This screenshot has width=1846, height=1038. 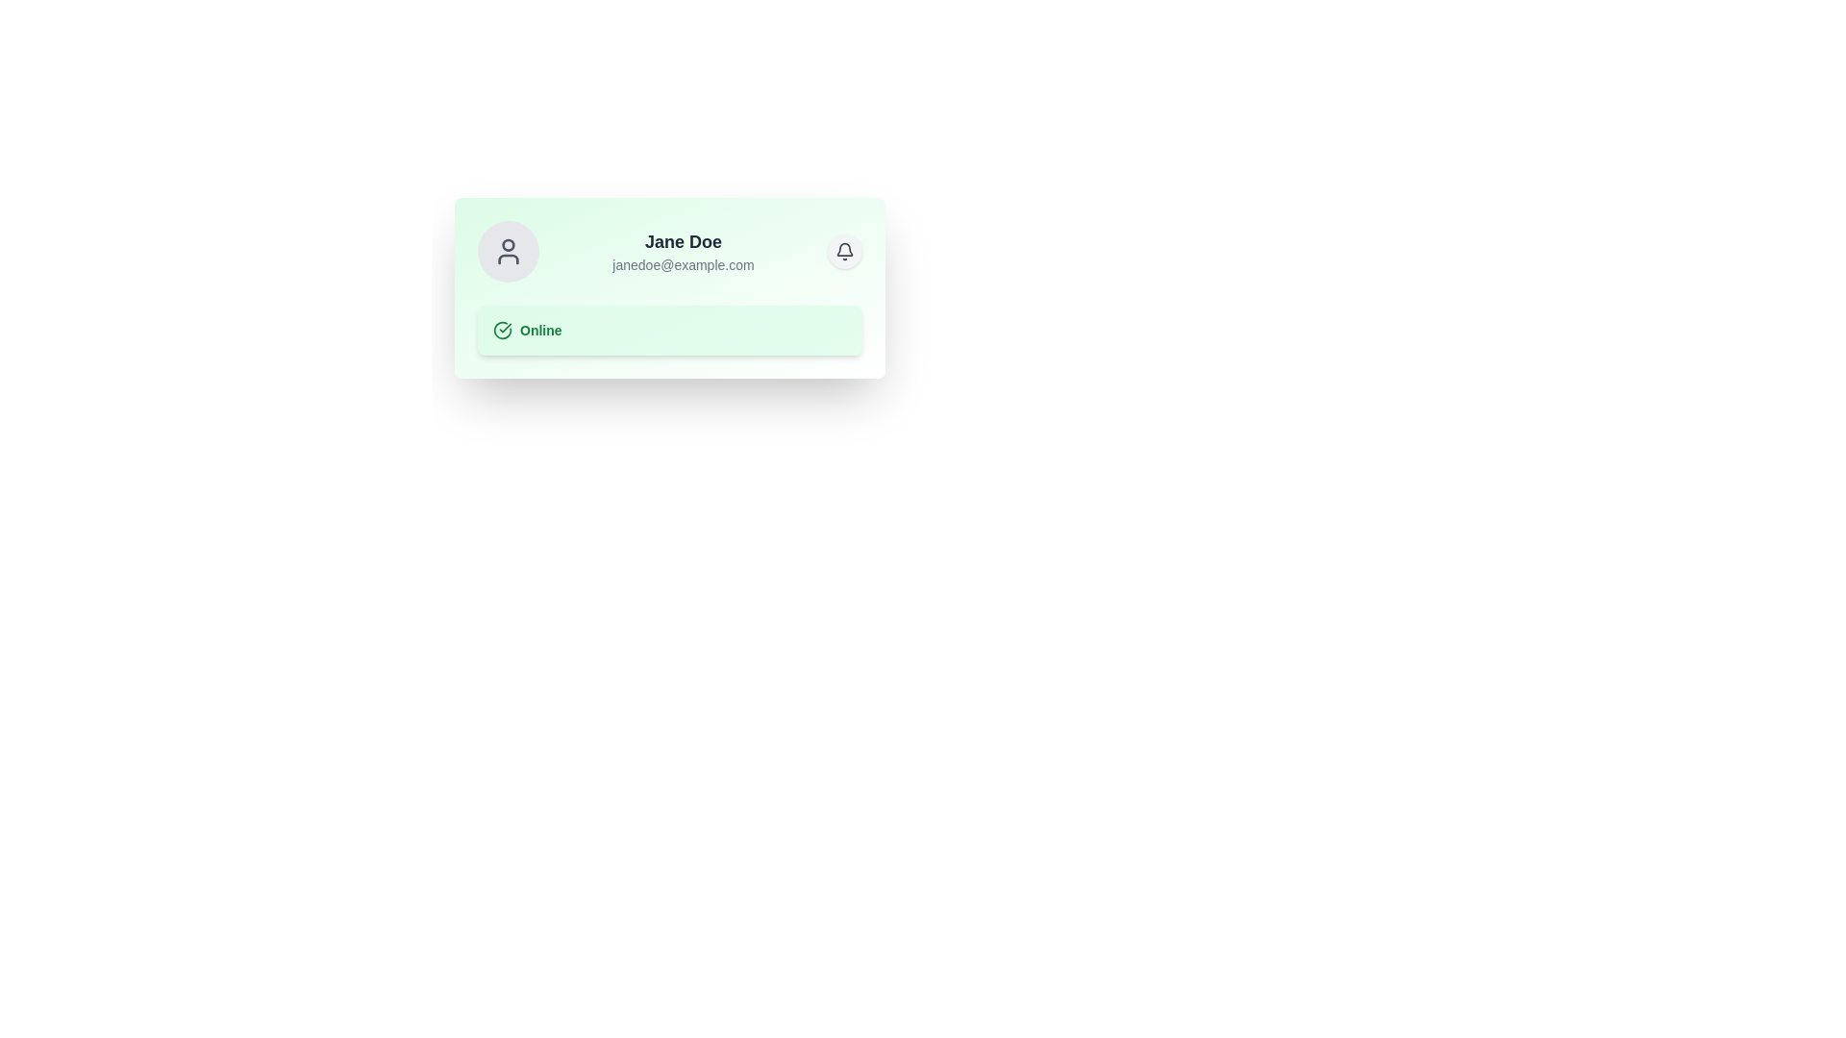 I want to click on the Status Indicator located centrally within the user card below the user information section, so click(x=669, y=317).